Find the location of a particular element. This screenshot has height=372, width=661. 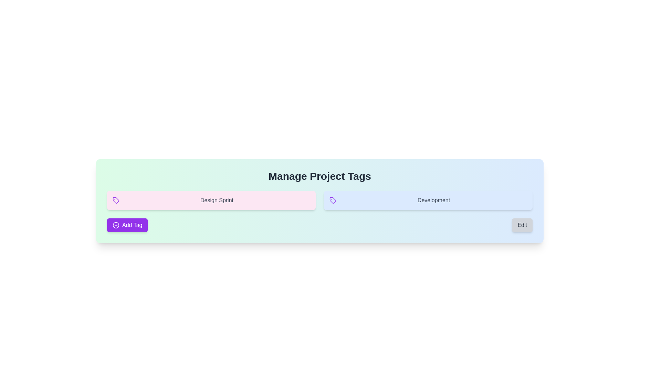

the circular icon element within the 'Add Tag' button is located at coordinates (116, 225).